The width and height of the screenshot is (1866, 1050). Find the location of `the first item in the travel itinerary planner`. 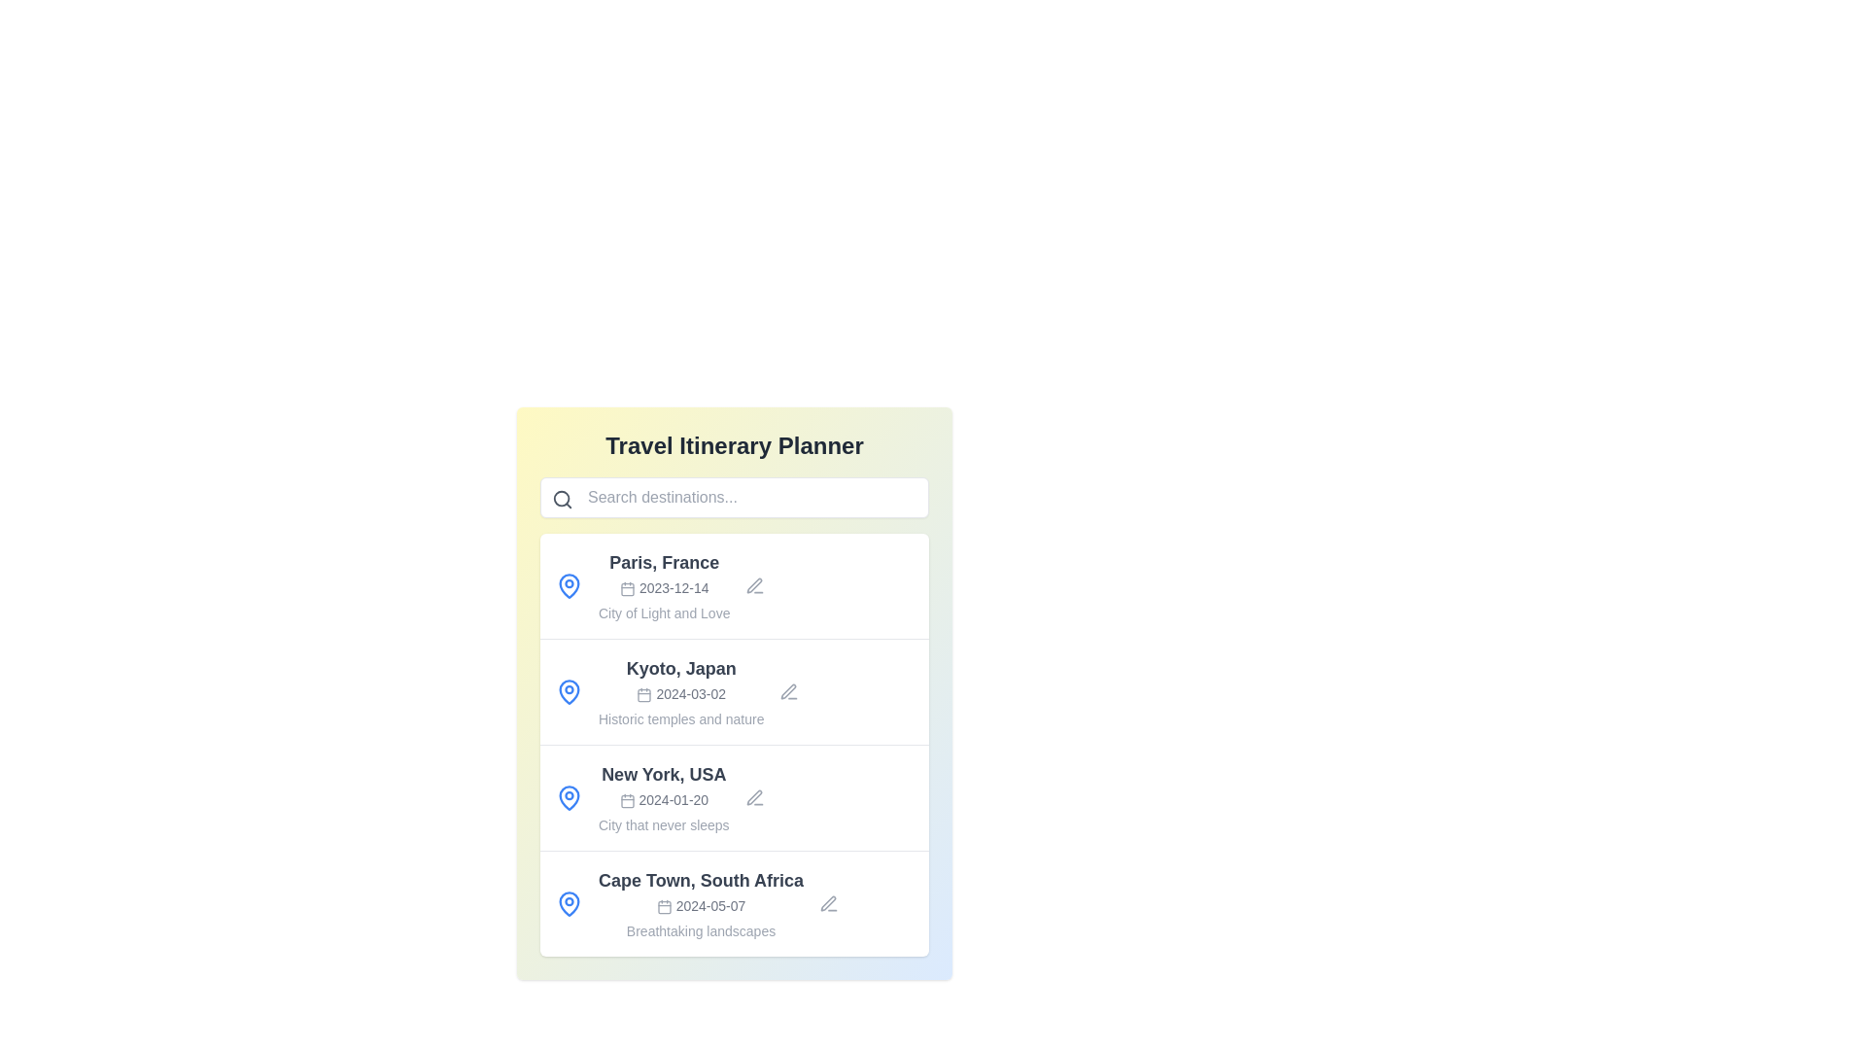

the first item in the travel itinerary planner is located at coordinates (733, 584).